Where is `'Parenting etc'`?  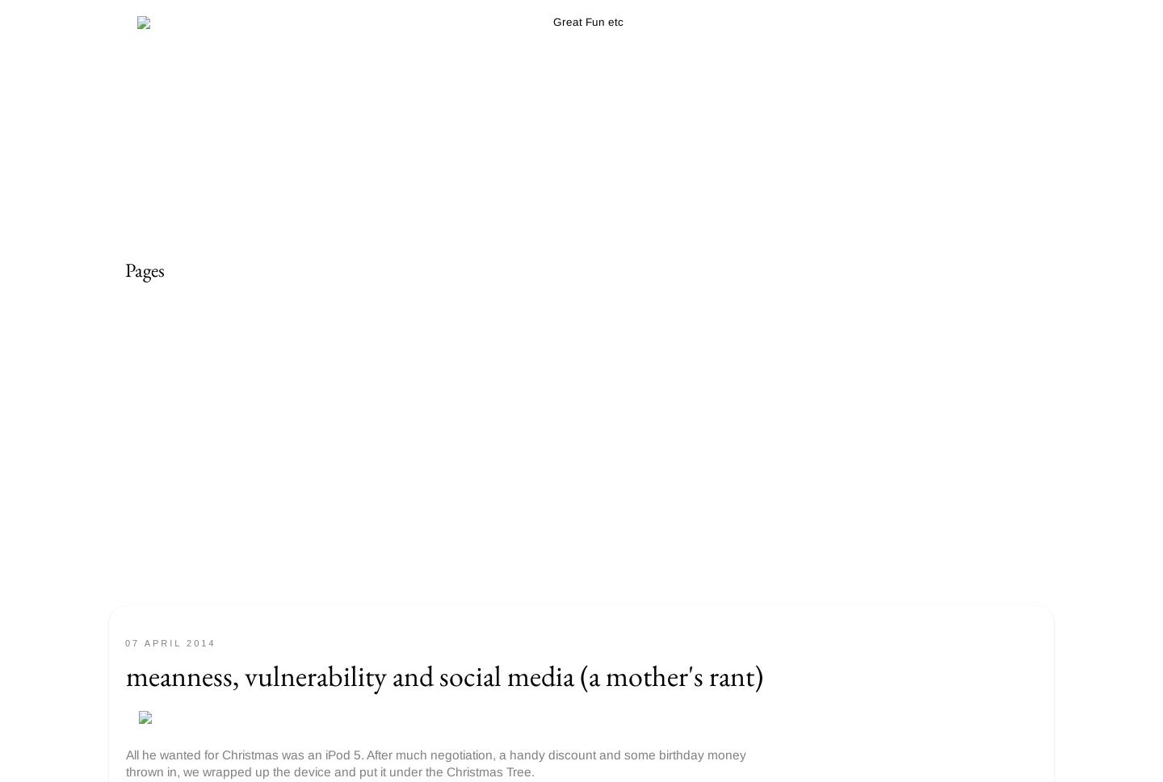
'Parenting etc' is located at coordinates (167, 362).